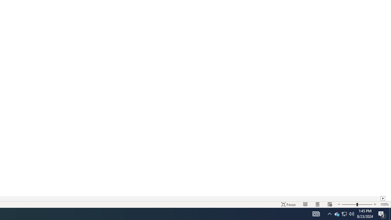  Describe the element at coordinates (288, 204) in the screenshot. I see `'Focus '` at that location.